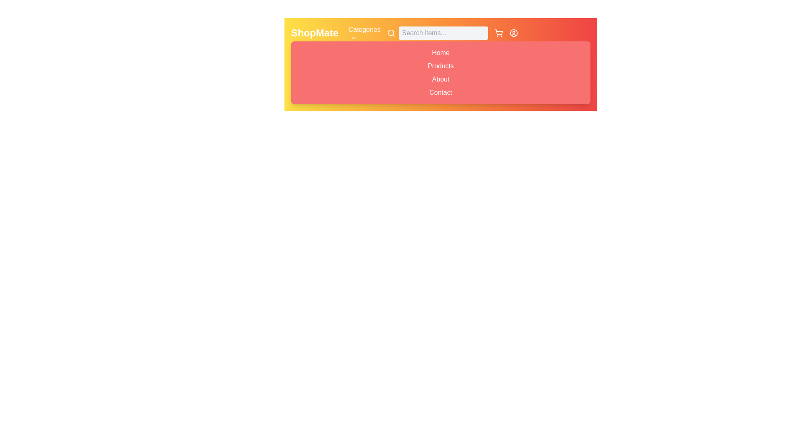 The width and height of the screenshot is (795, 447). I want to click on the shopping cart icon outlined in white located in the top-right corner of the interface, so click(498, 33).